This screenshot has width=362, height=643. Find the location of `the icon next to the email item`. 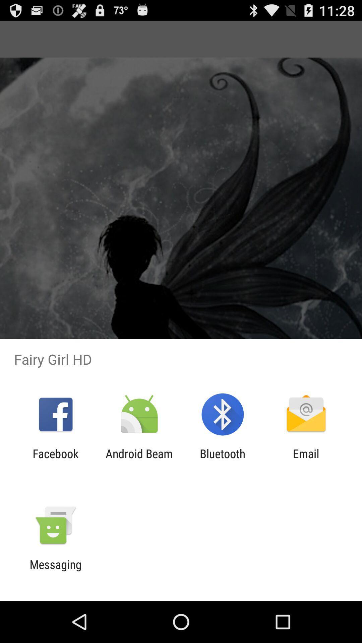

the icon next to the email item is located at coordinates (223, 460).